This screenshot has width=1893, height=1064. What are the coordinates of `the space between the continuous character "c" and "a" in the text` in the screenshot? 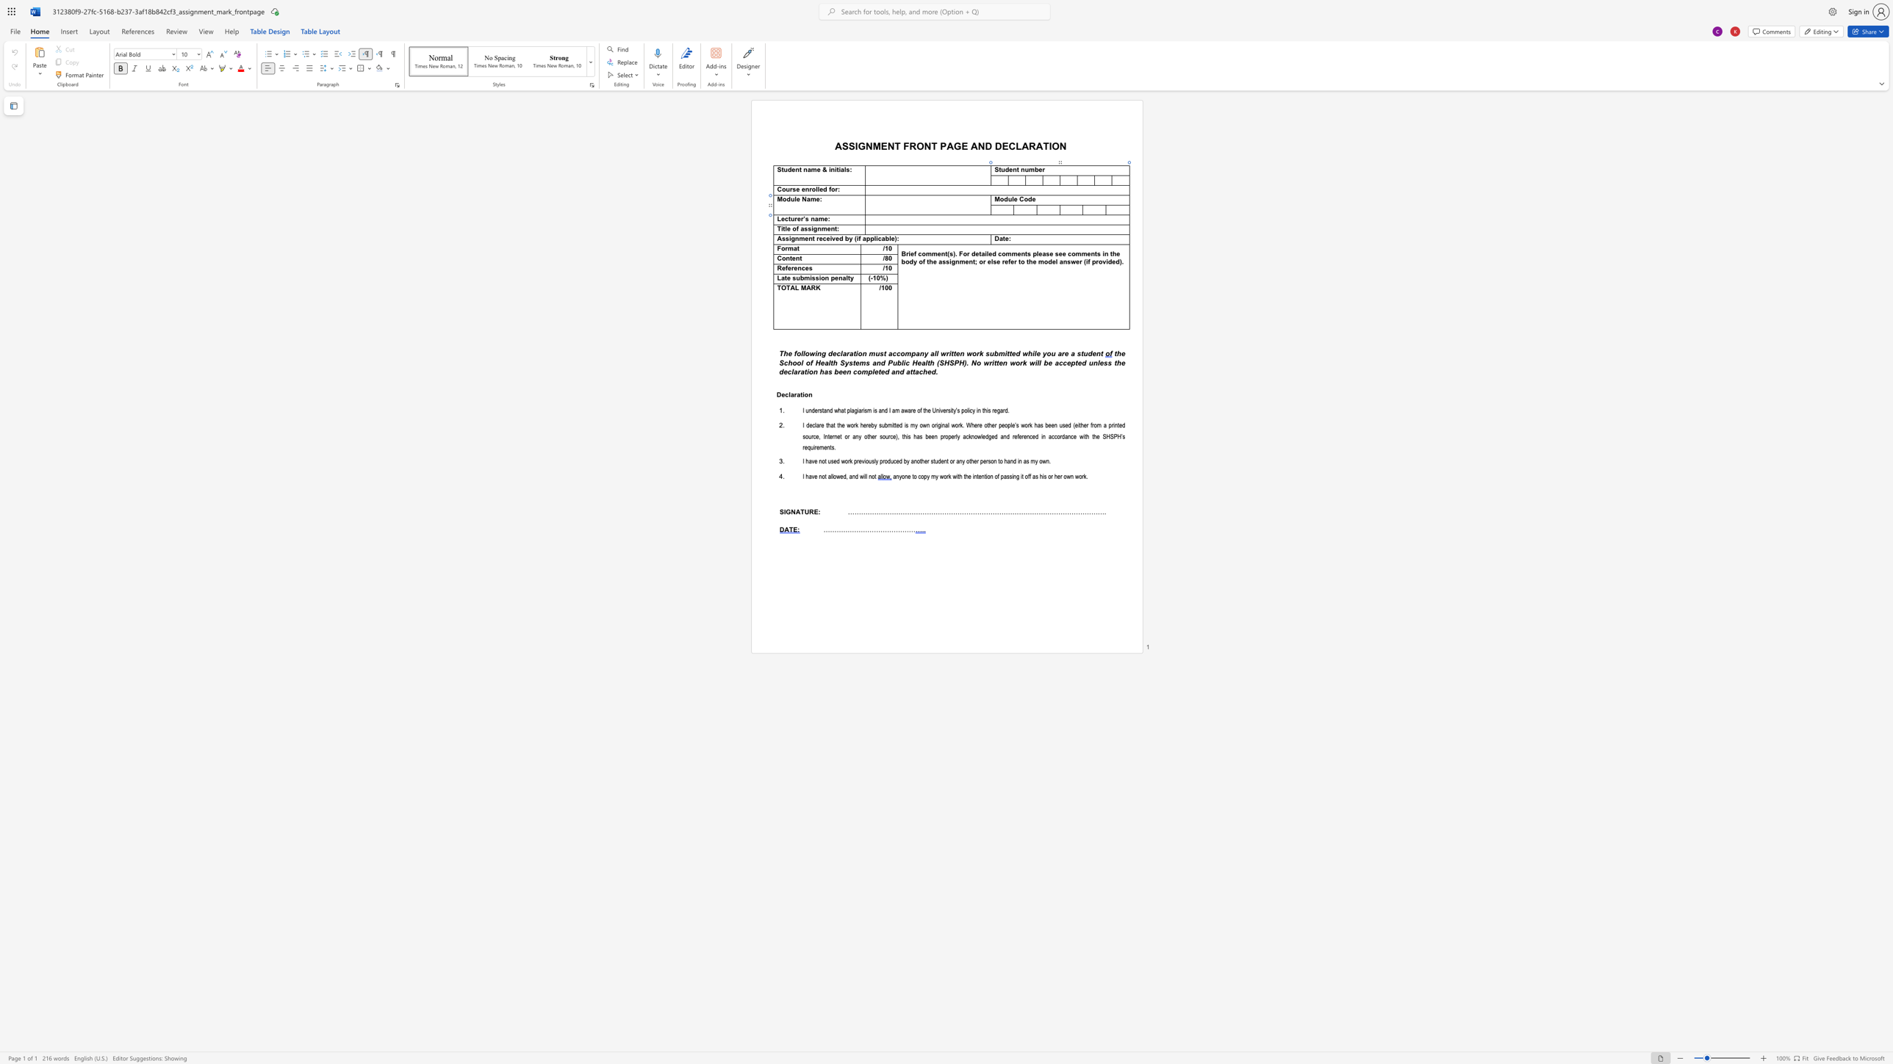 It's located at (881, 238).